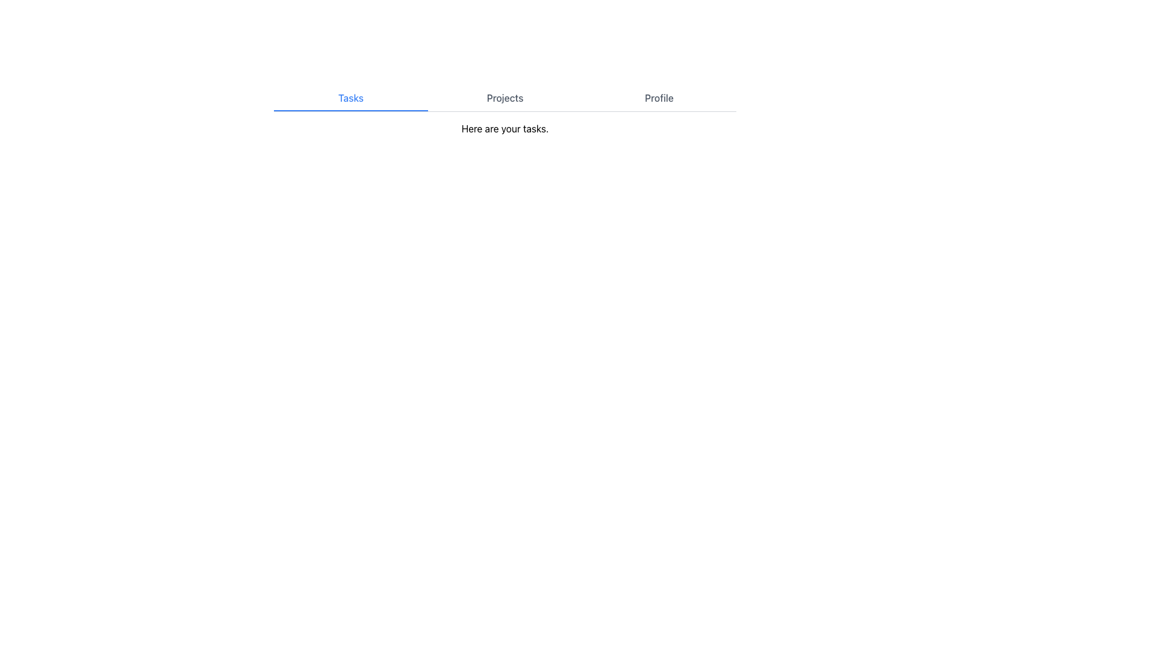  What do you see at coordinates (505, 98) in the screenshot?
I see `the Text button that serves as a navigational link` at bounding box center [505, 98].